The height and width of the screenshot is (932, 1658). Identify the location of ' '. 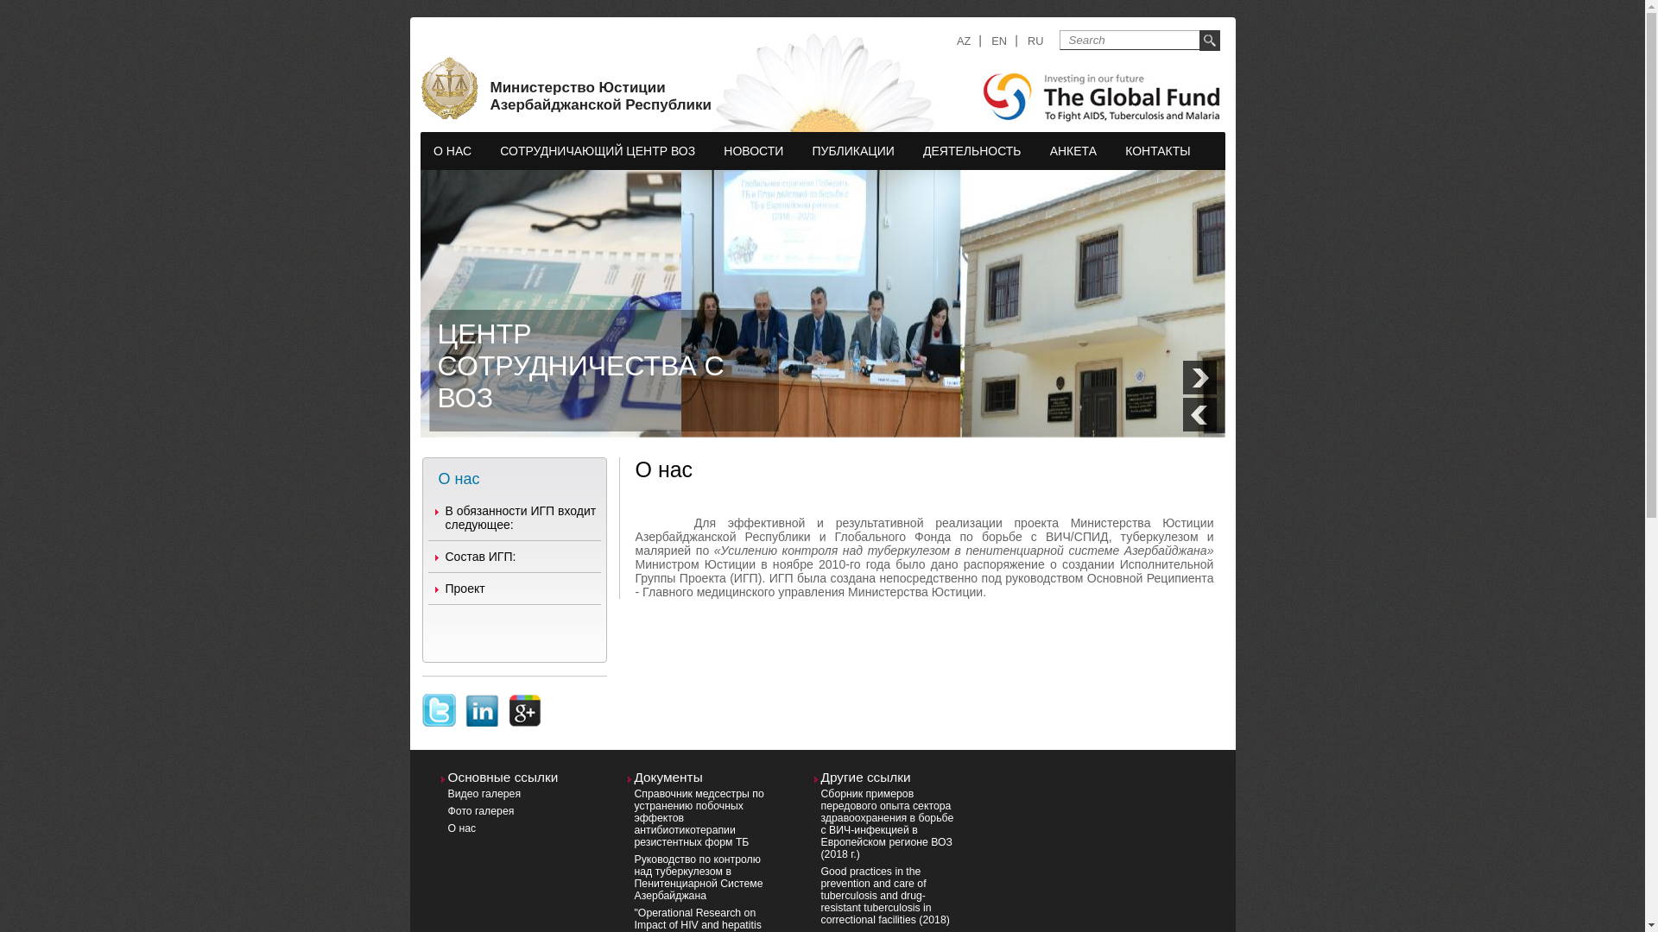
(480, 700).